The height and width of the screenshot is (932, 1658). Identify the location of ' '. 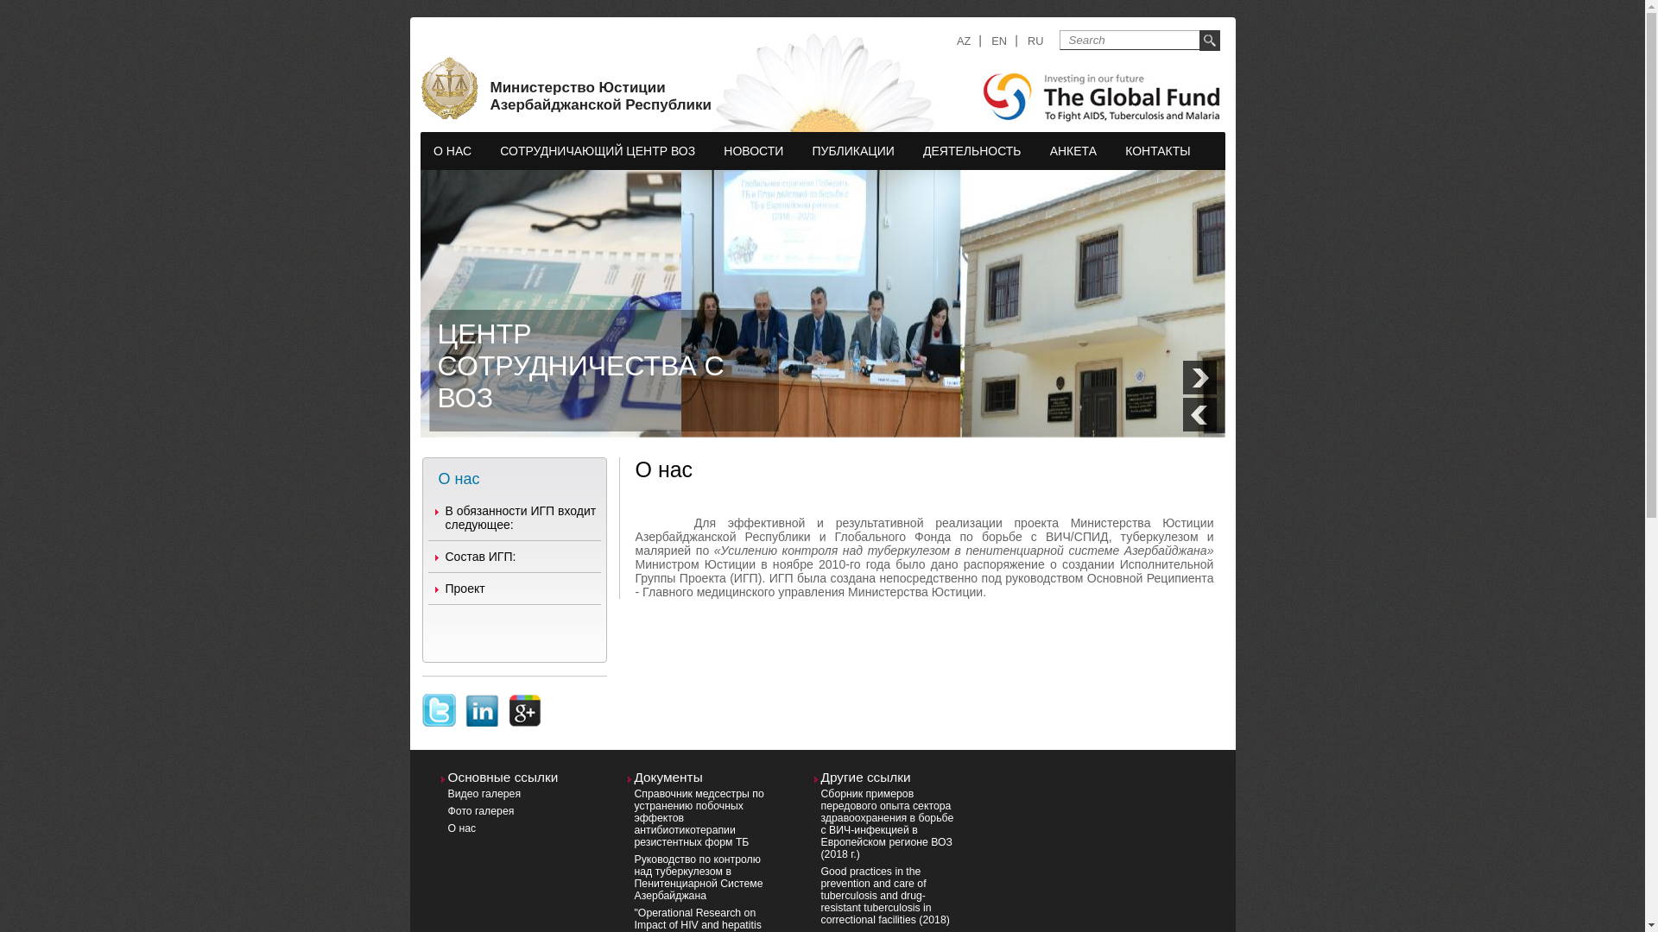
(480, 700).